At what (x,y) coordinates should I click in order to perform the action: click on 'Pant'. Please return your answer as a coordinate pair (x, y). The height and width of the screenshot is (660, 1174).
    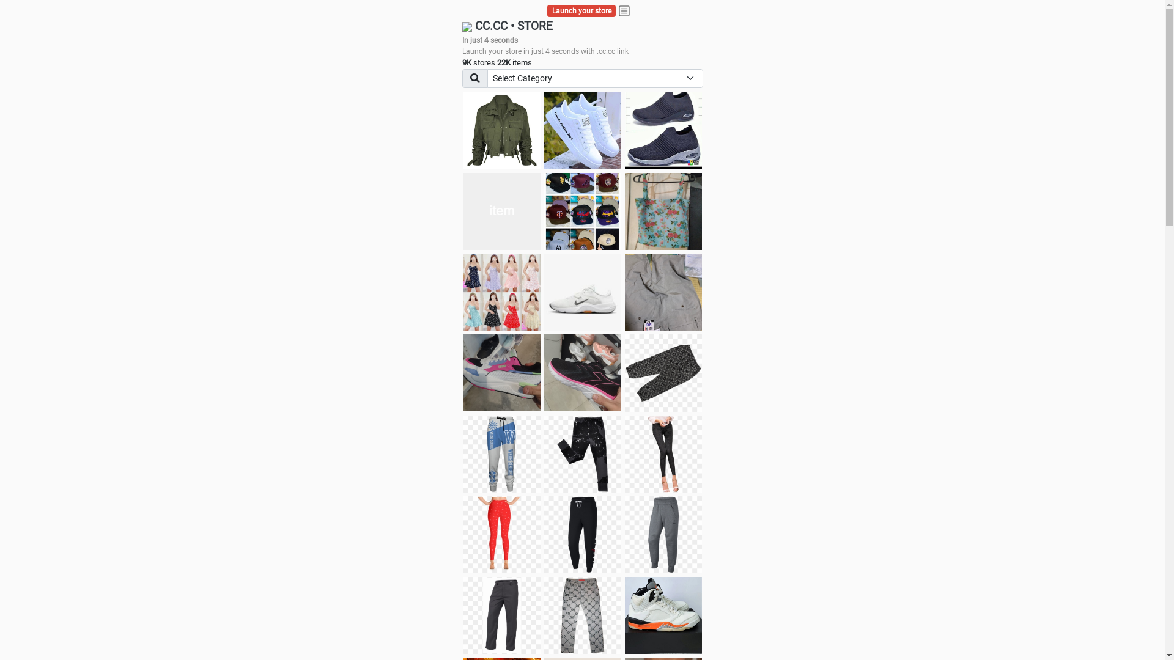
    Looking at the image, I should click on (582, 534).